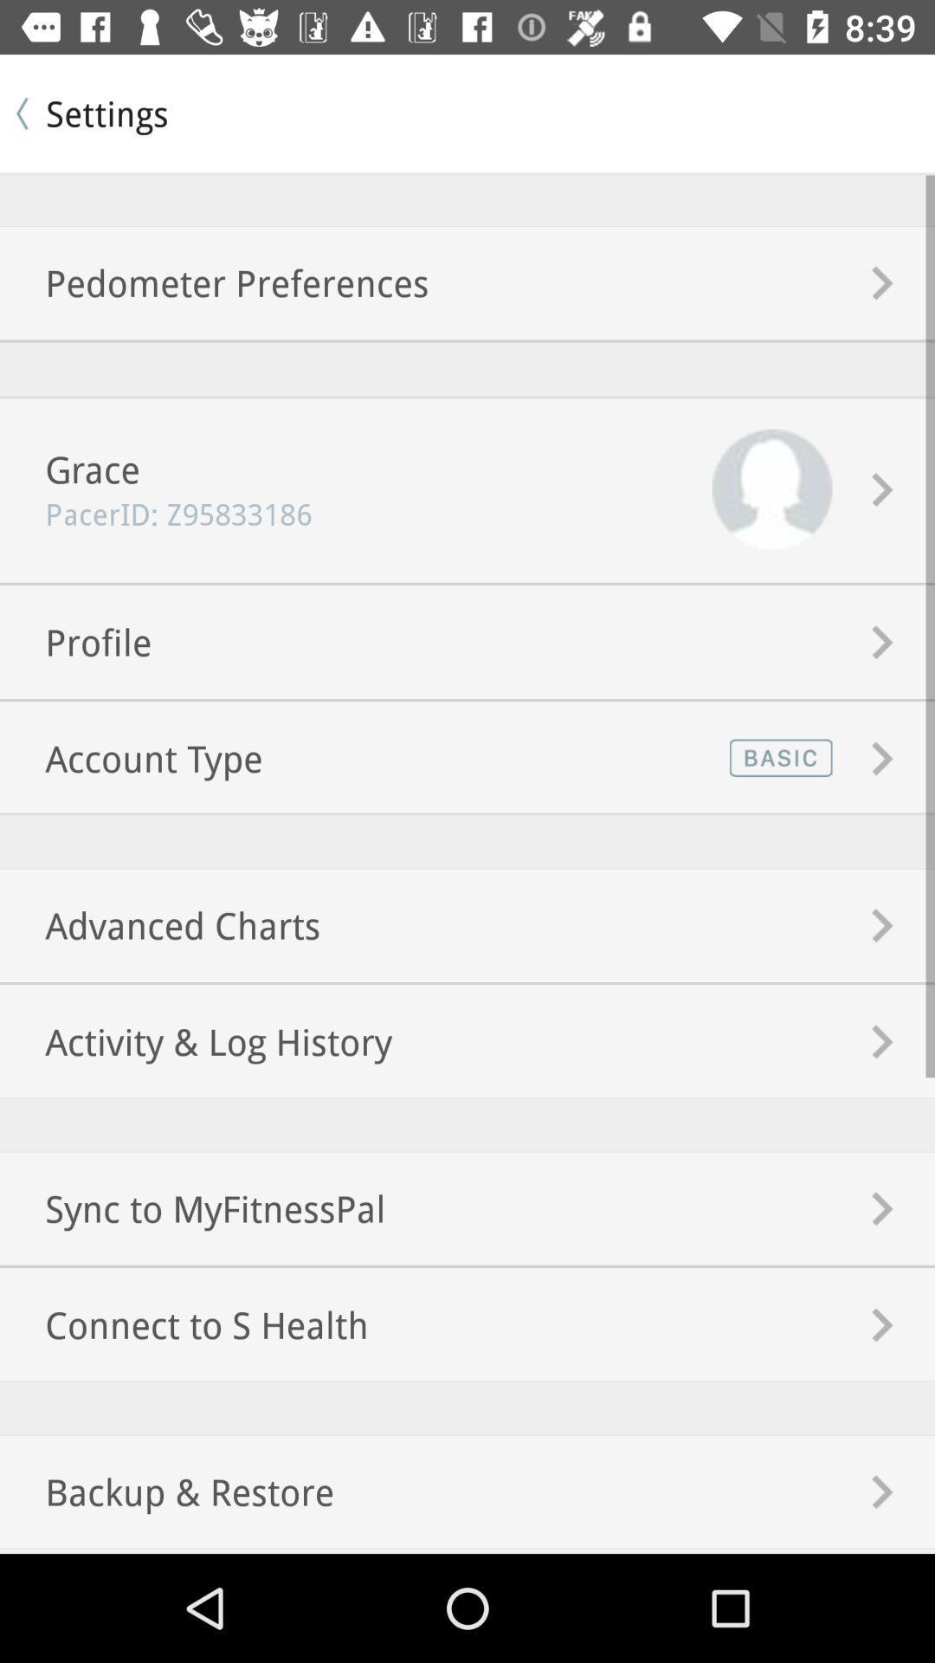 This screenshot has width=935, height=1663. Describe the element at coordinates (156, 513) in the screenshot. I see `icon below the grace item` at that location.